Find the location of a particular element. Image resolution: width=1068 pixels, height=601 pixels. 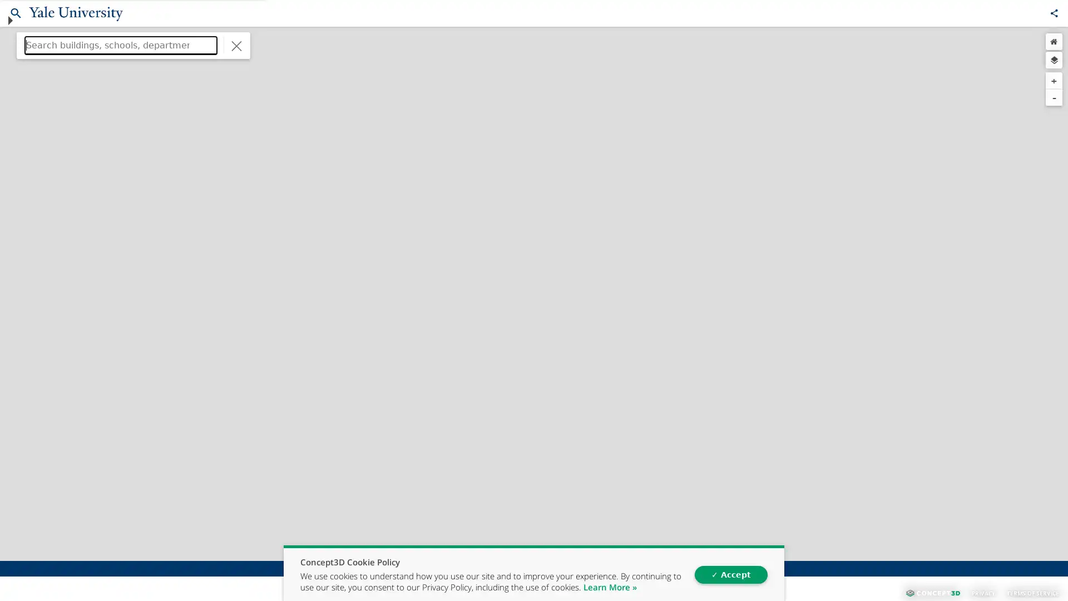

open map layers is located at coordinates (1054, 61).